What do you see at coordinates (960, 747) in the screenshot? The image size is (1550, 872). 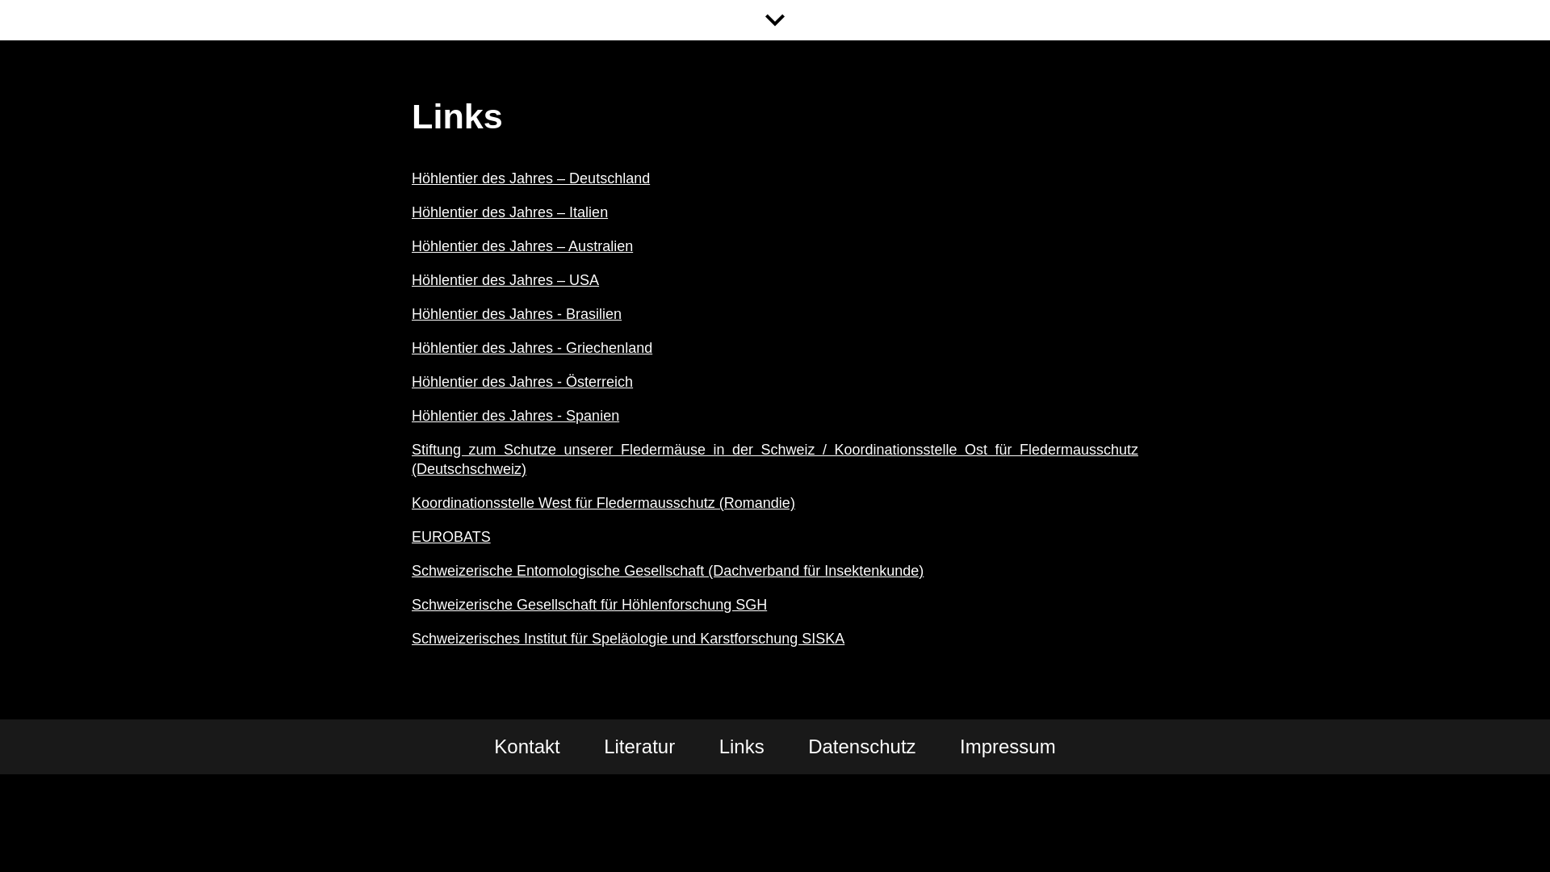 I see `'Impressum'` at bounding box center [960, 747].